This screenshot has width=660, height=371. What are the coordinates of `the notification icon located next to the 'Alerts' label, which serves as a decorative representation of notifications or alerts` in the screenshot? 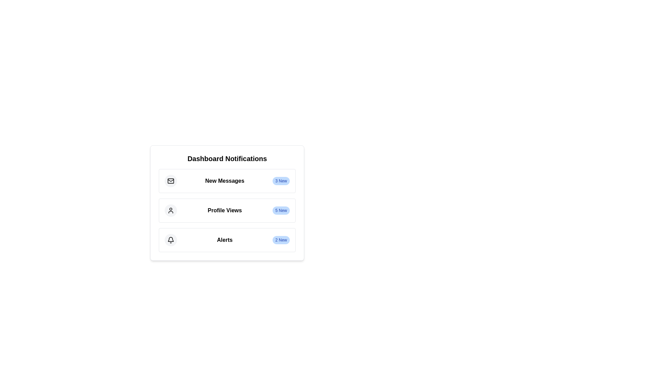 It's located at (171, 239).